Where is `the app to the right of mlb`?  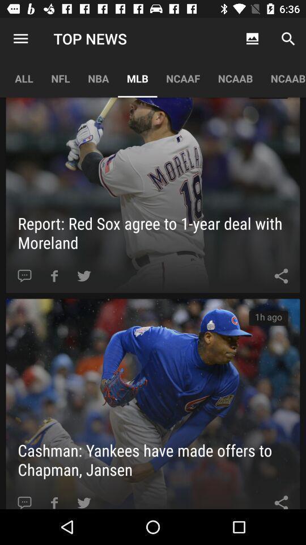
the app to the right of mlb is located at coordinates (183, 78).